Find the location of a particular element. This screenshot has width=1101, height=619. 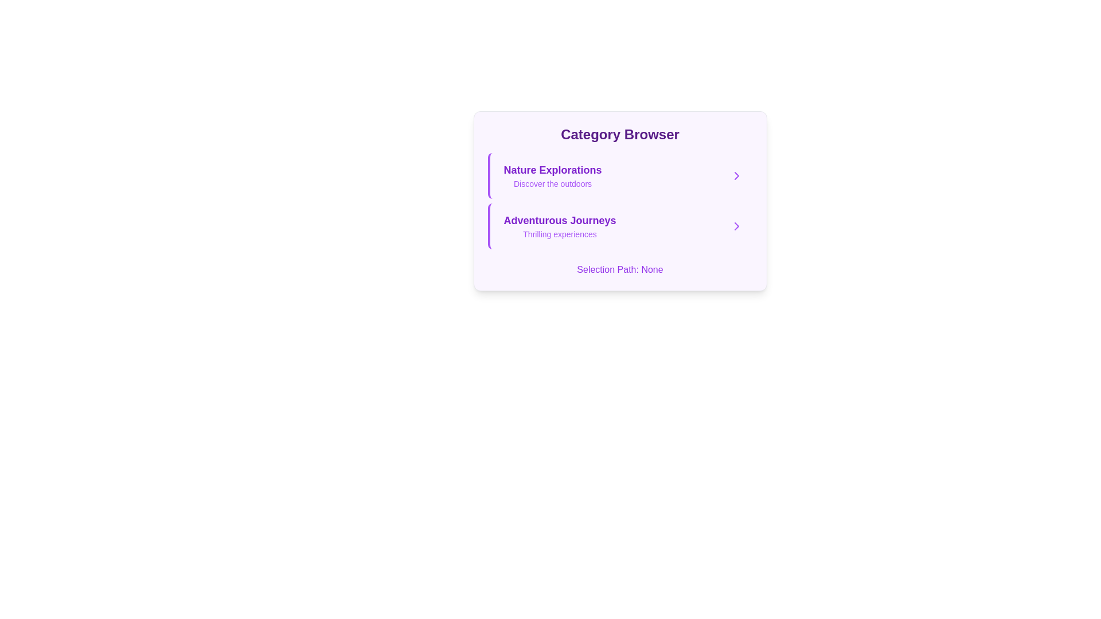

the text label that serves as a title for the 'Discover the outdoors' description in the 'Category Browser' section is located at coordinates (553, 170).